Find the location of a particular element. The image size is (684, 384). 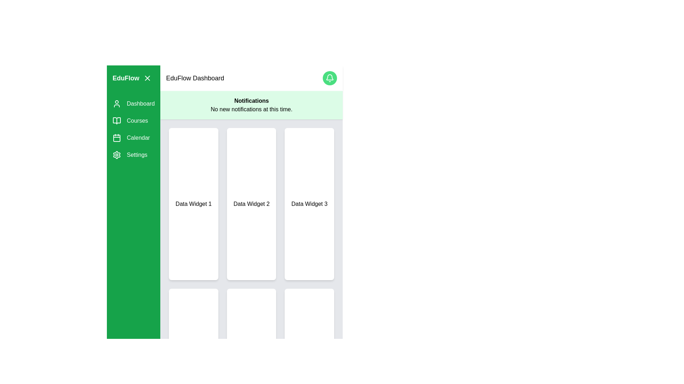

the static informational box with the heading 'Notifications' and the message 'No new notifications at this time.' is located at coordinates (252, 105).